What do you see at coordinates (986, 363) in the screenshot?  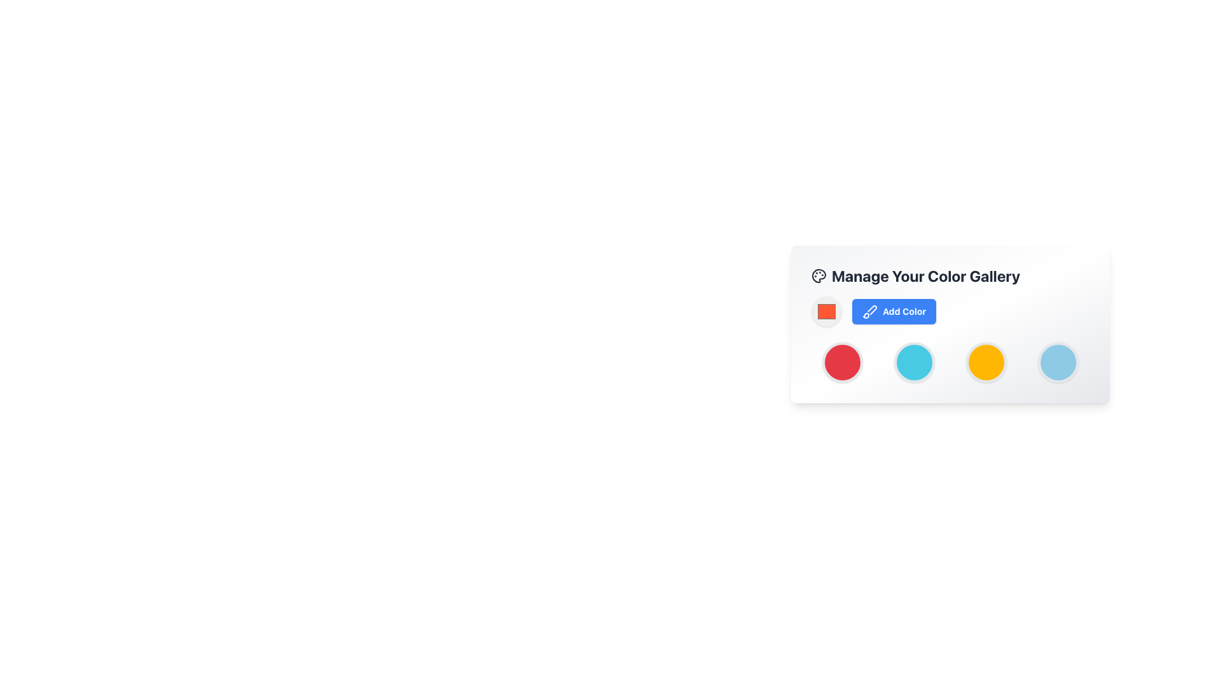 I see `the third circular button or color swatch in the 'Manage Your Color Gallery' section` at bounding box center [986, 363].